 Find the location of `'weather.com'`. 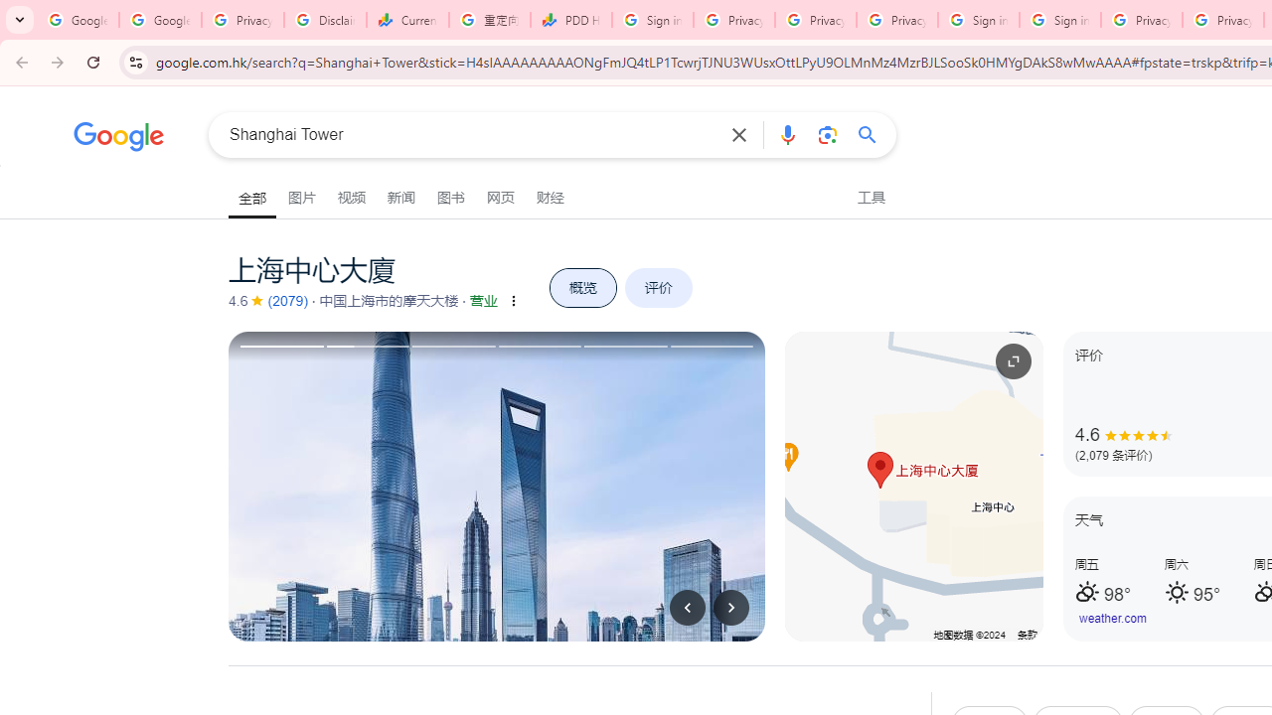

'weather.com' is located at coordinates (1113, 618).